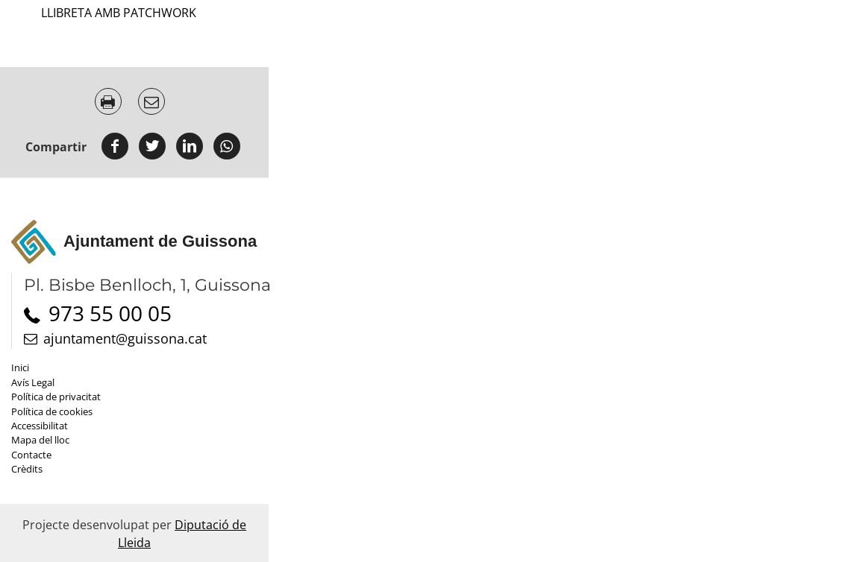 This screenshot has width=850, height=562. I want to click on 'Ajuntament de Guissona', so click(159, 240).